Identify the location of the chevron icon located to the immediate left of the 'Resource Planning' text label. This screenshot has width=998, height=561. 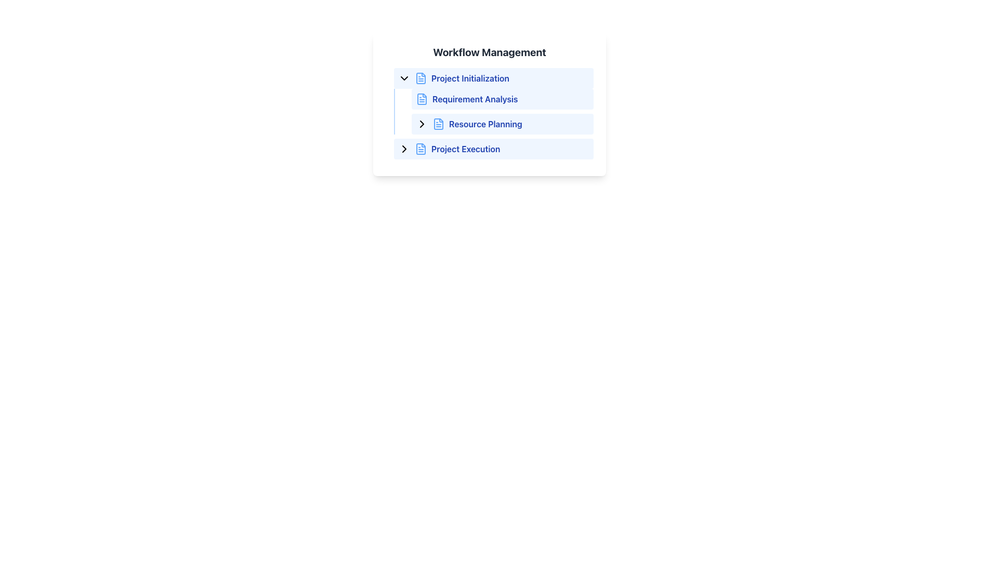
(422, 124).